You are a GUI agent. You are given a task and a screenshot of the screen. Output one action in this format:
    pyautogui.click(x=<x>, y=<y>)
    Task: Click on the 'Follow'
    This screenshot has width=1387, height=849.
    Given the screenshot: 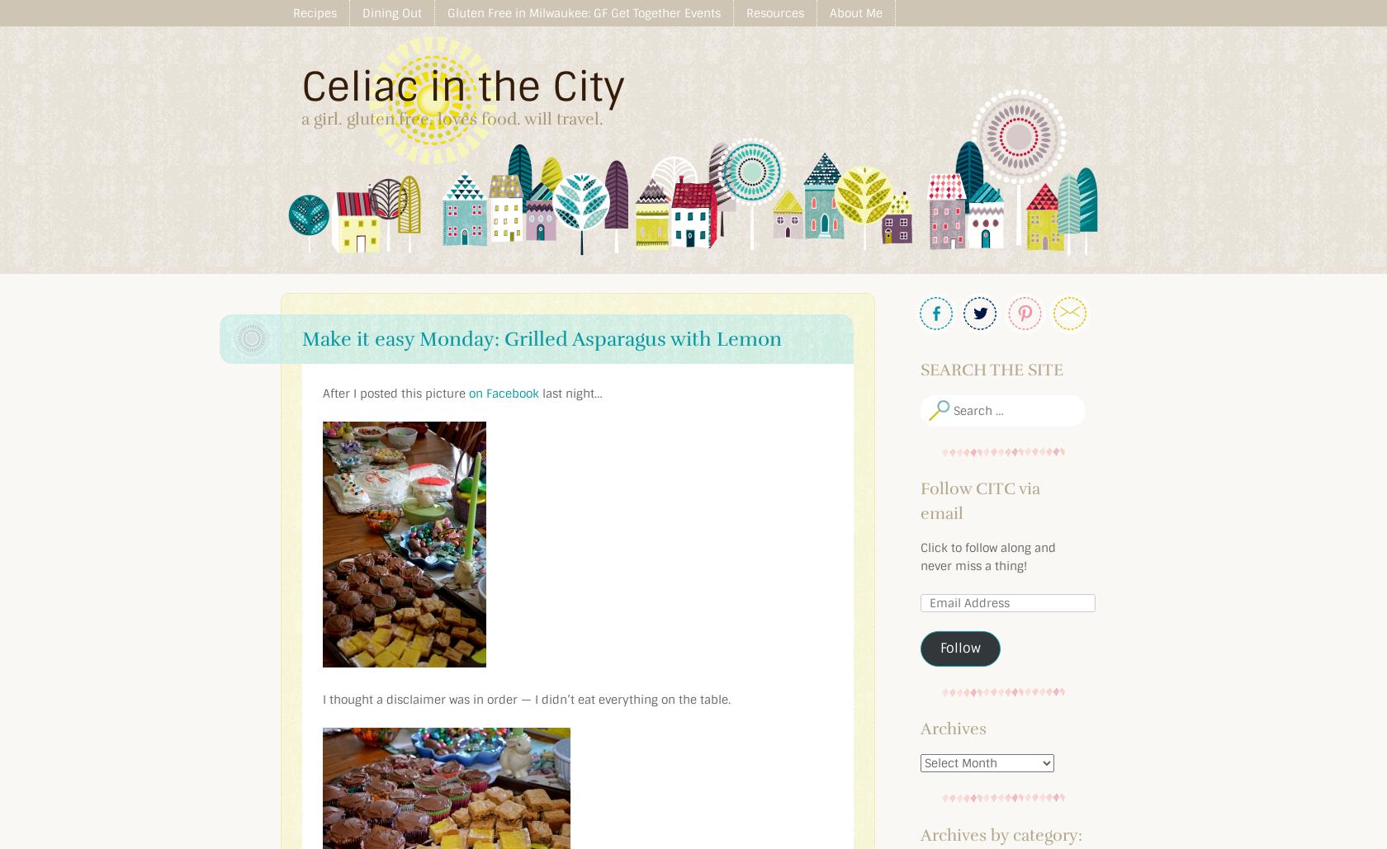 What is the action you would take?
    pyautogui.click(x=959, y=648)
    